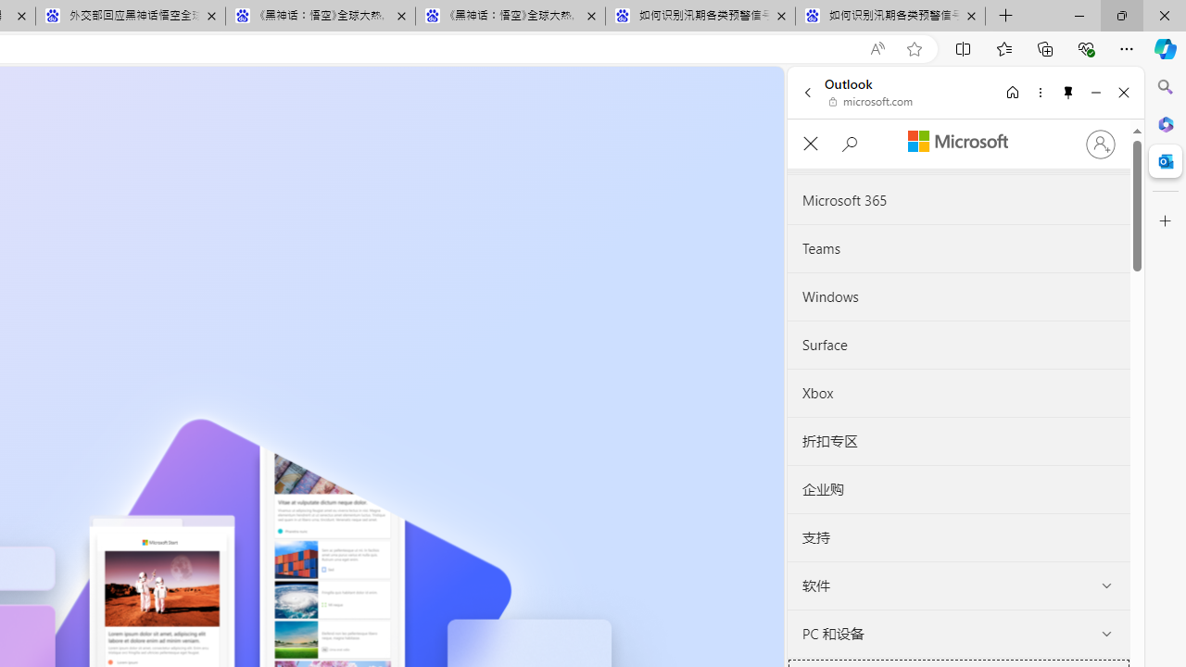 This screenshot has width=1186, height=667. What do you see at coordinates (958, 247) in the screenshot?
I see `'Teams'` at bounding box center [958, 247].